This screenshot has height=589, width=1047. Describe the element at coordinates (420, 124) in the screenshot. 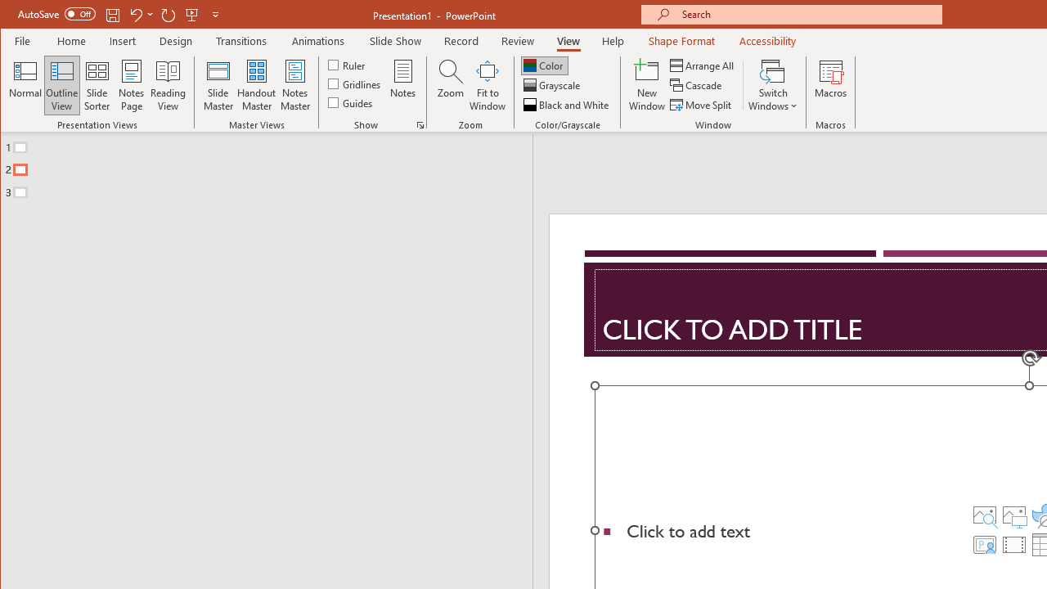

I see `'Grid Settings...'` at that location.